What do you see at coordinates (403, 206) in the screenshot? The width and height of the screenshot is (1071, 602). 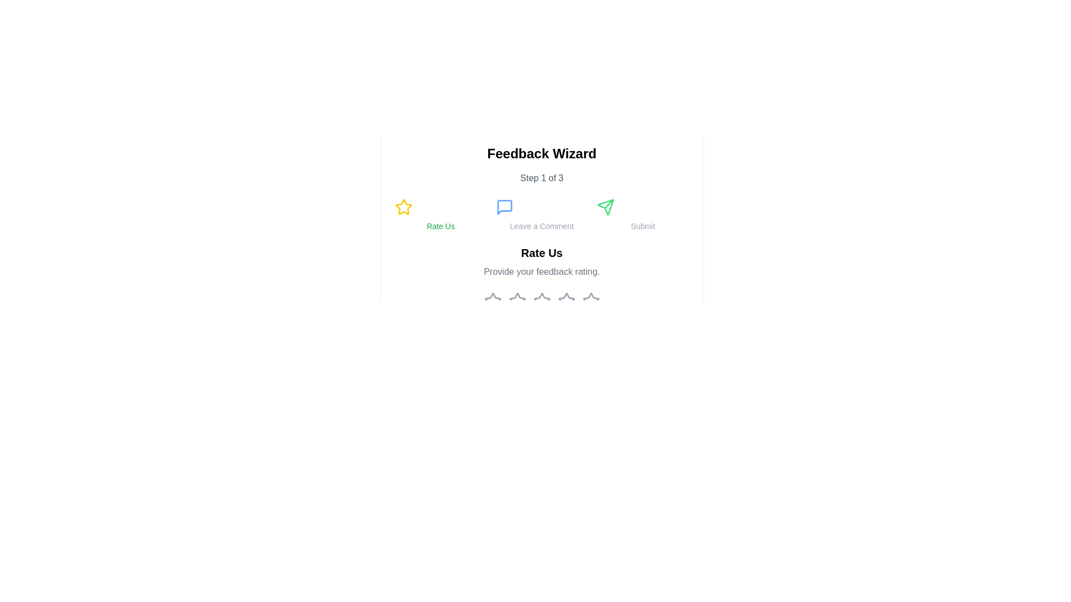 I see `the yellow star-shaped icon located on the far left of the first column of icons, which is associated with the 'Rate Us' label` at bounding box center [403, 206].